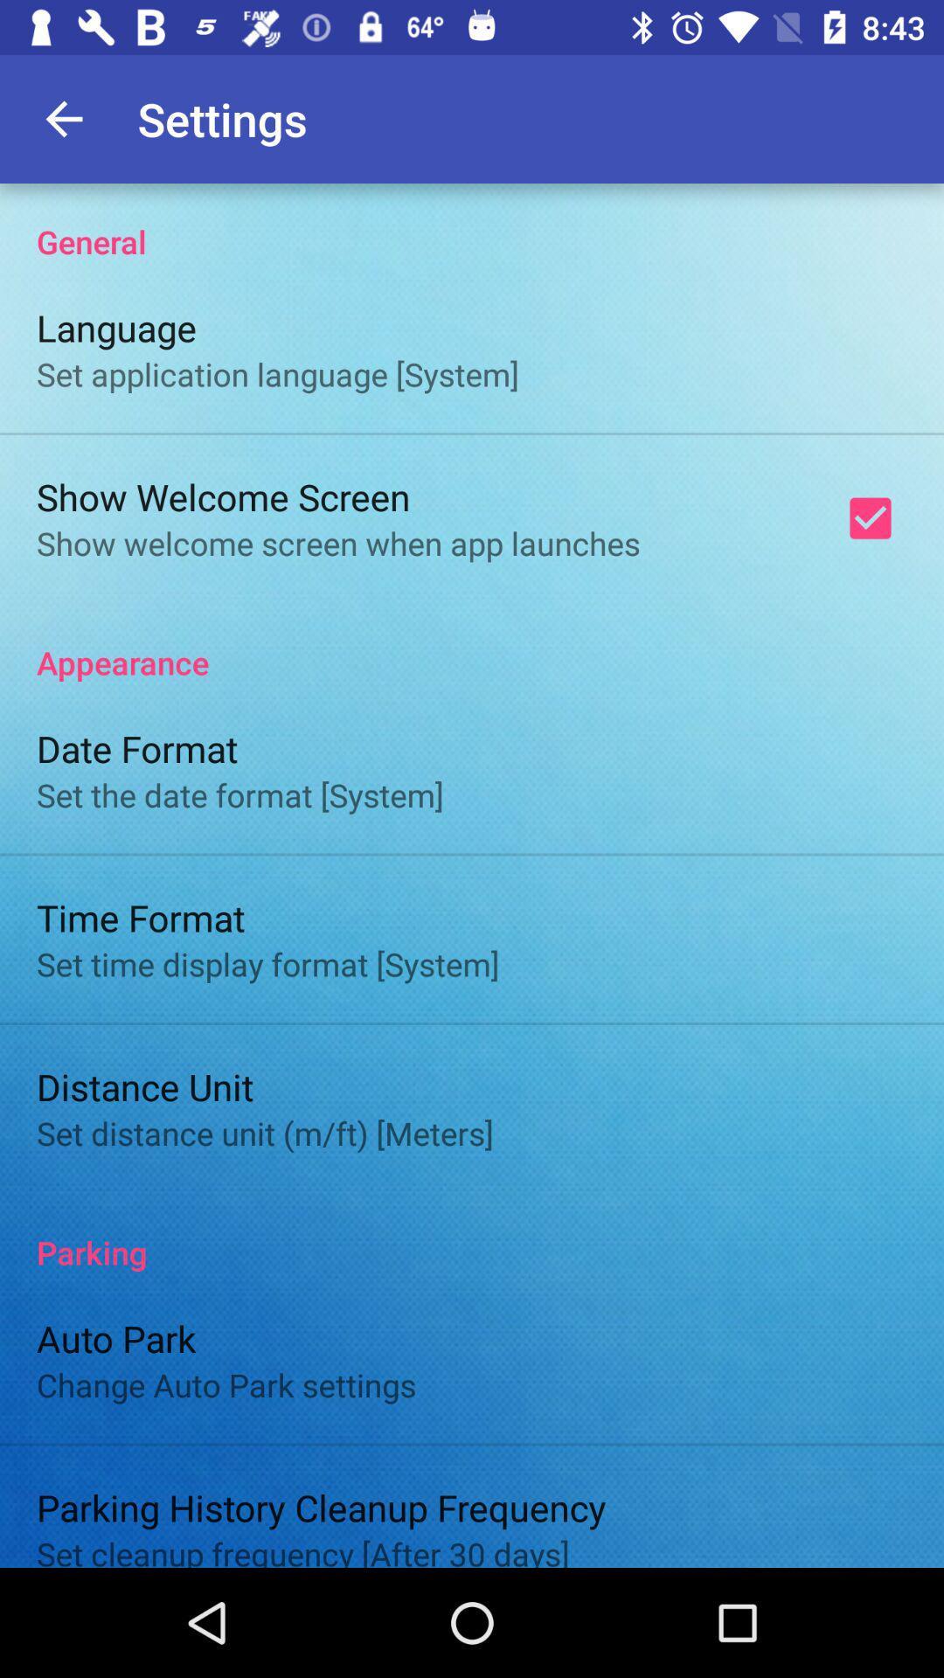  What do you see at coordinates (267, 963) in the screenshot?
I see `item above the distance unit item` at bounding box center [267, 963].